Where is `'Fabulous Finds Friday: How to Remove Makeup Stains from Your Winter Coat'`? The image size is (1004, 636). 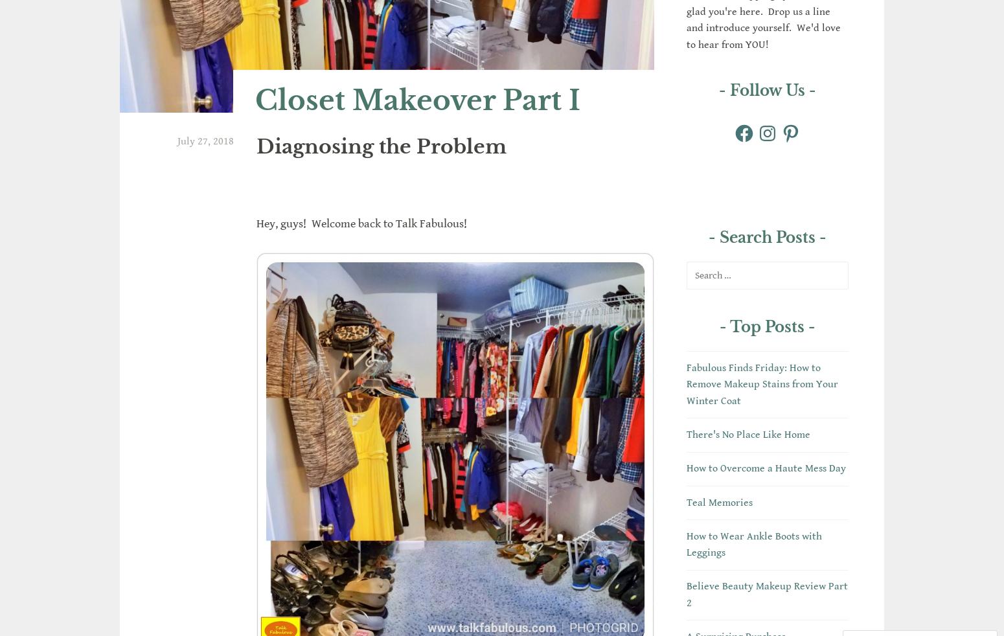 'Fabulous Finds Friday: How to Remove Makeup Stains from Your Winter Coat' is located at coordinates (687, 383).